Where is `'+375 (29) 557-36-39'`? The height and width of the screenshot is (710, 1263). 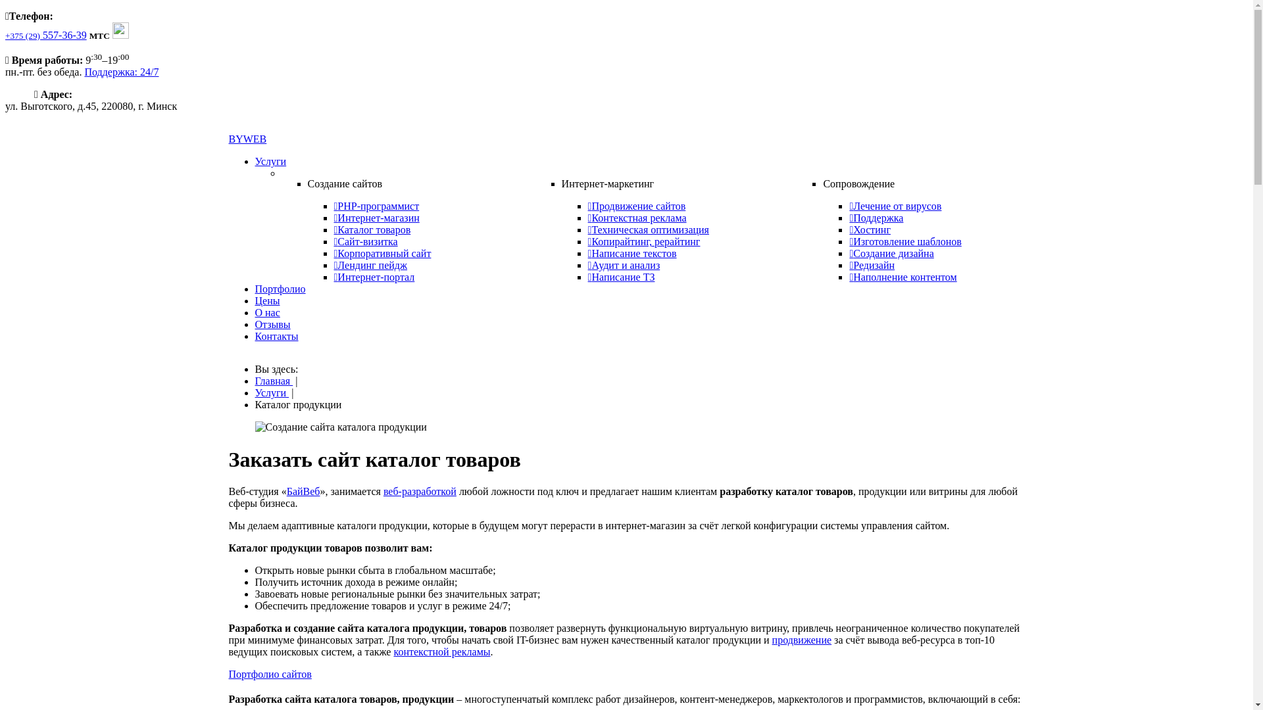 '+375 (29) 557-36-39' is located at coordinates (46, 34).